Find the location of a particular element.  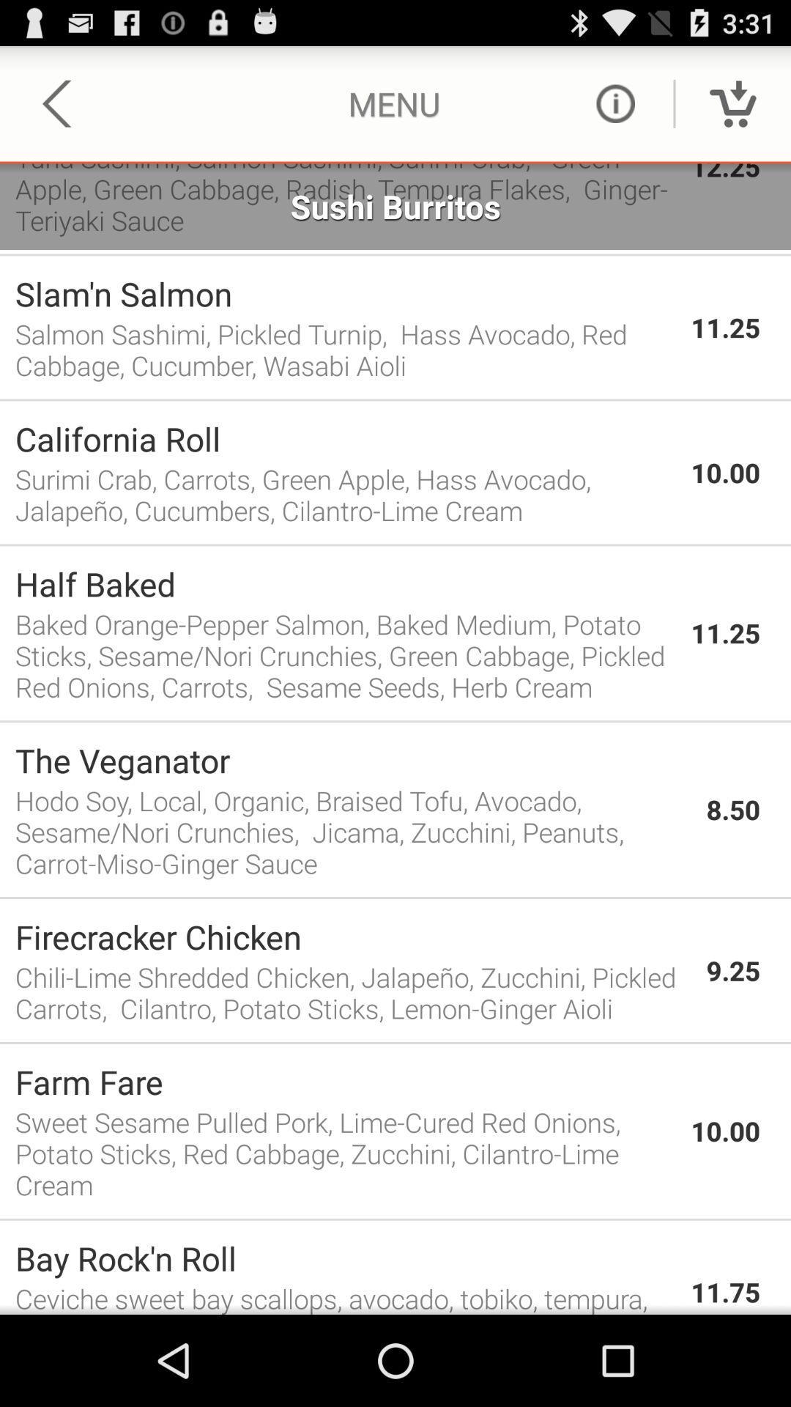

the item to the left of 11.75 icon is located at coordinates (345, 1258).